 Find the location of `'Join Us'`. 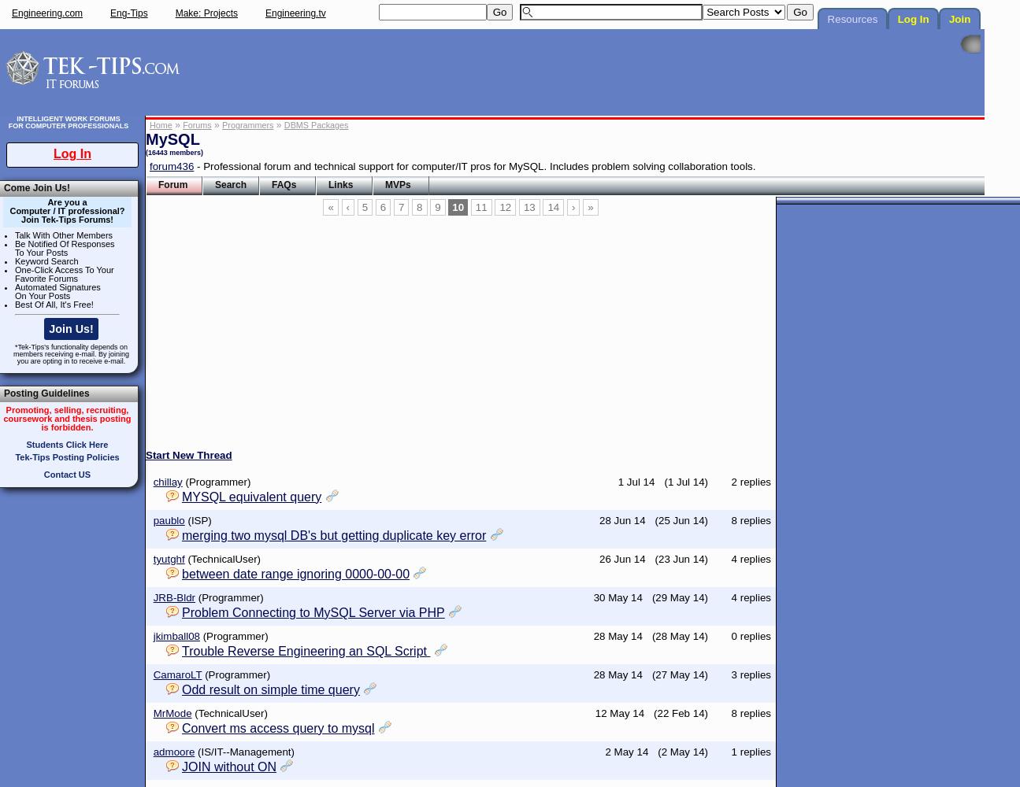

'Join Us' is located at coordinates (222, 230).